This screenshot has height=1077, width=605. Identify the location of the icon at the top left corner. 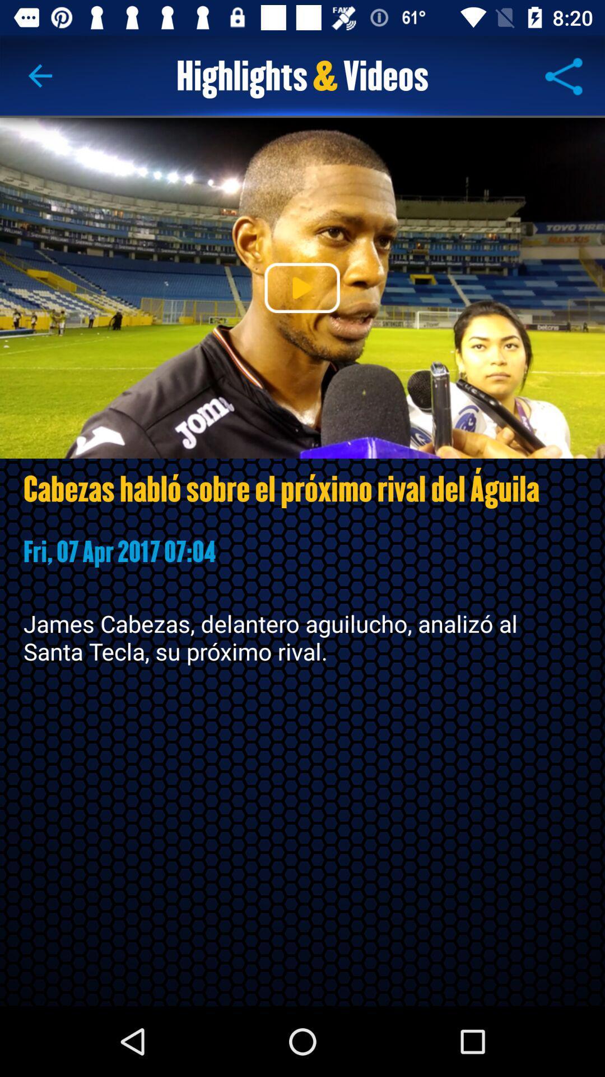
(40, 76).